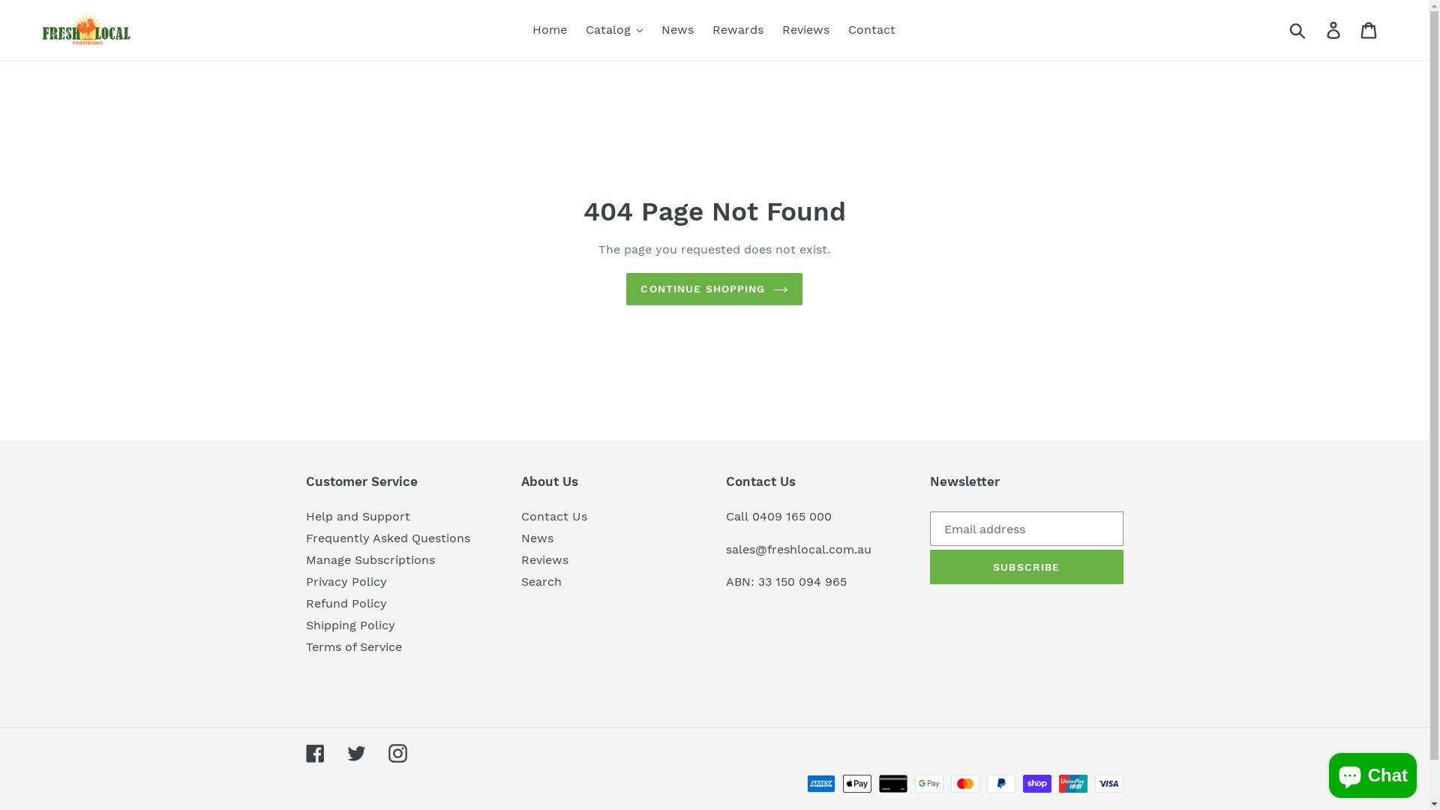  I want to click on 'Shopify online store chat', so click(1372, 772).